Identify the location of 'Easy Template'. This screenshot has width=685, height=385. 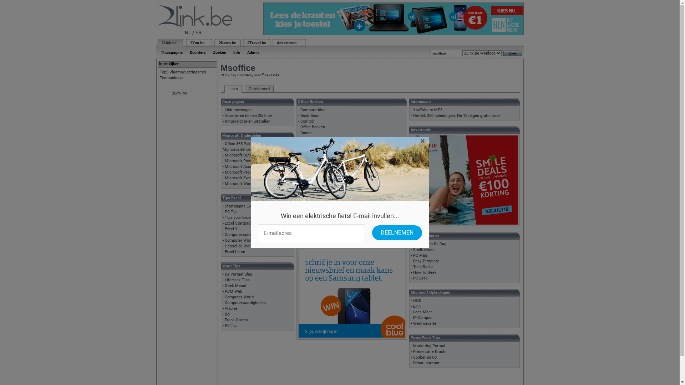
(426, 261).